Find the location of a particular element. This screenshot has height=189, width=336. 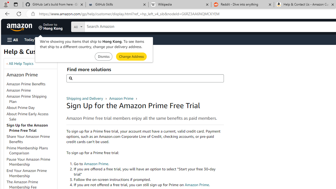

'Tab actions menu' is located at coordinates (15, 4).